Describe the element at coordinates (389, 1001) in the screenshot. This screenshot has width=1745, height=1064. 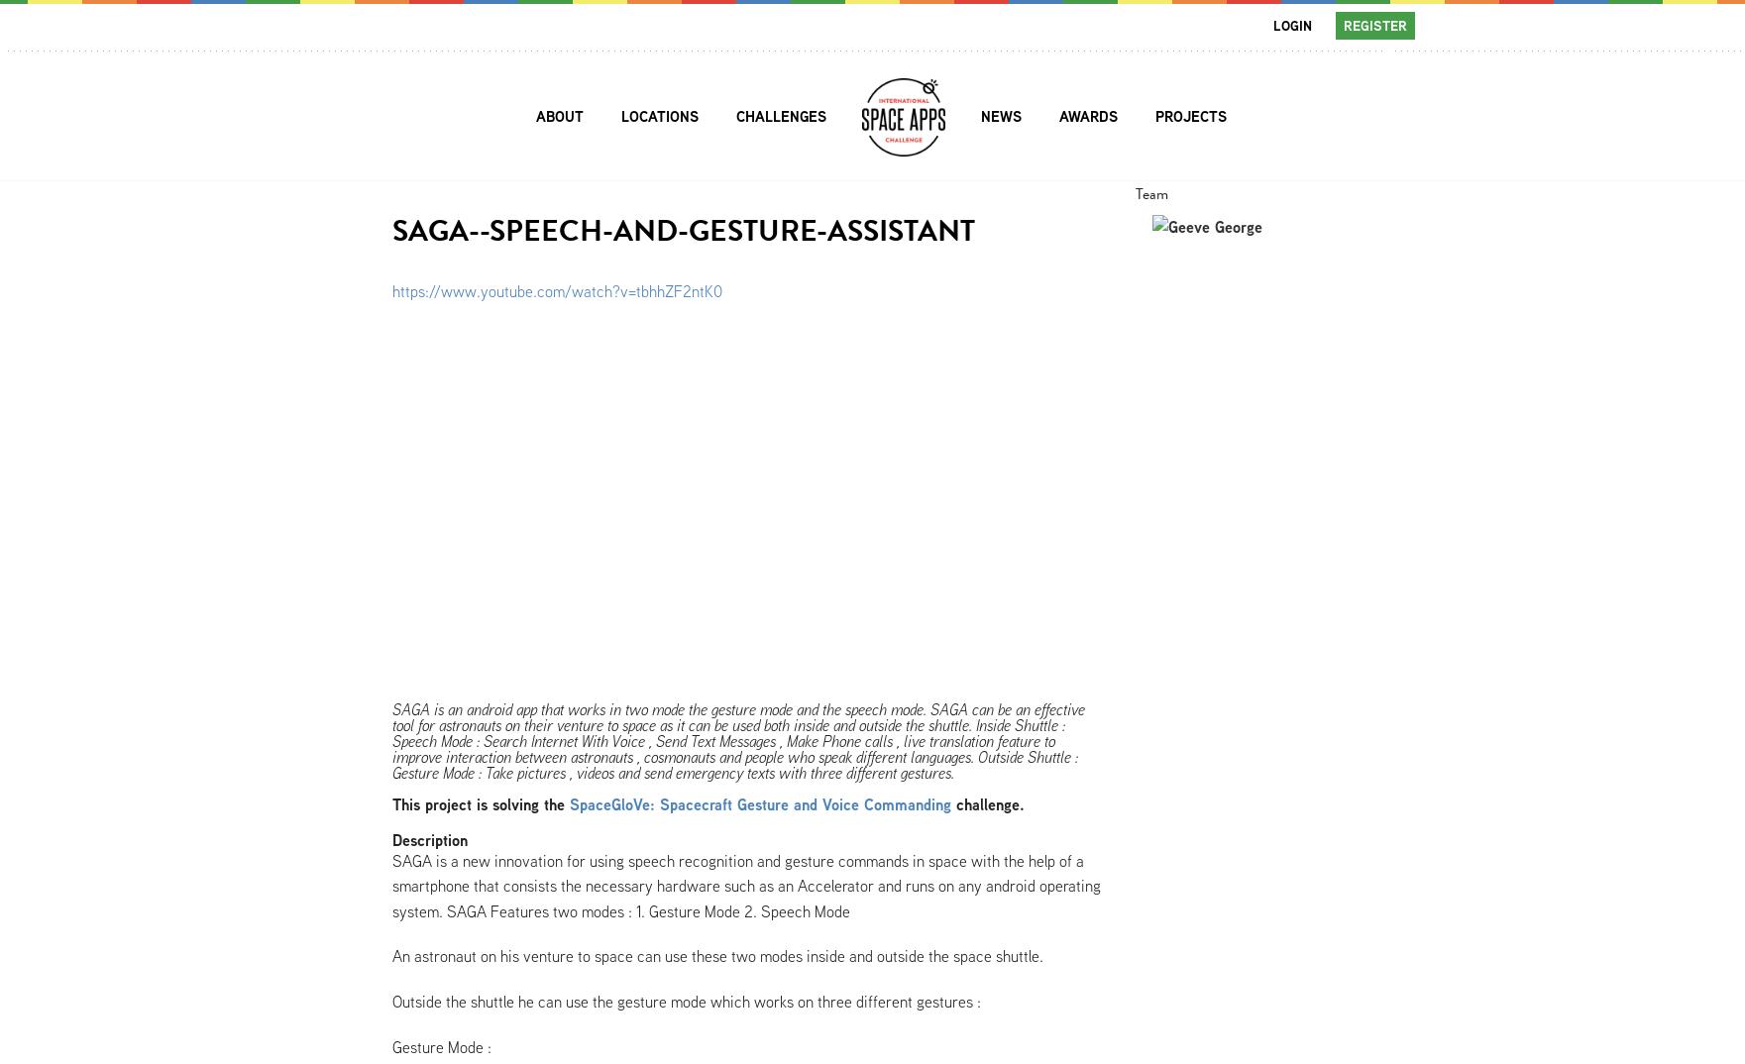
I see `'Outside the shuttle he can use the gesture mode which works on three different gestures :'` at that location.